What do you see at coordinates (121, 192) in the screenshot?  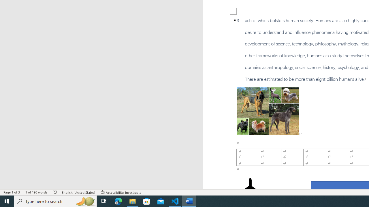 I see `'Accessibility Checker Accessibility: Investigate'` at bounding box center [121, 192].